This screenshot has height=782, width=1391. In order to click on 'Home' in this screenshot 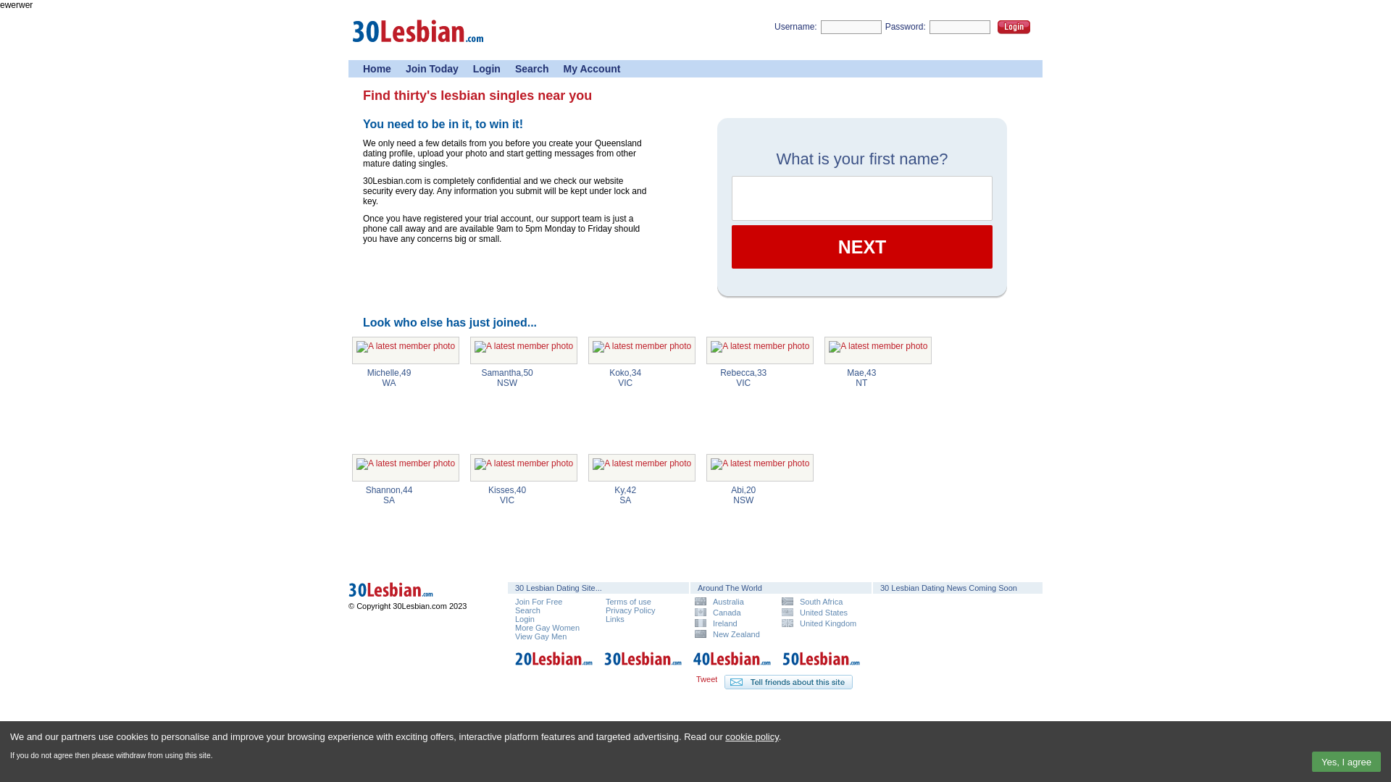, I will do `click(377, 69)`.